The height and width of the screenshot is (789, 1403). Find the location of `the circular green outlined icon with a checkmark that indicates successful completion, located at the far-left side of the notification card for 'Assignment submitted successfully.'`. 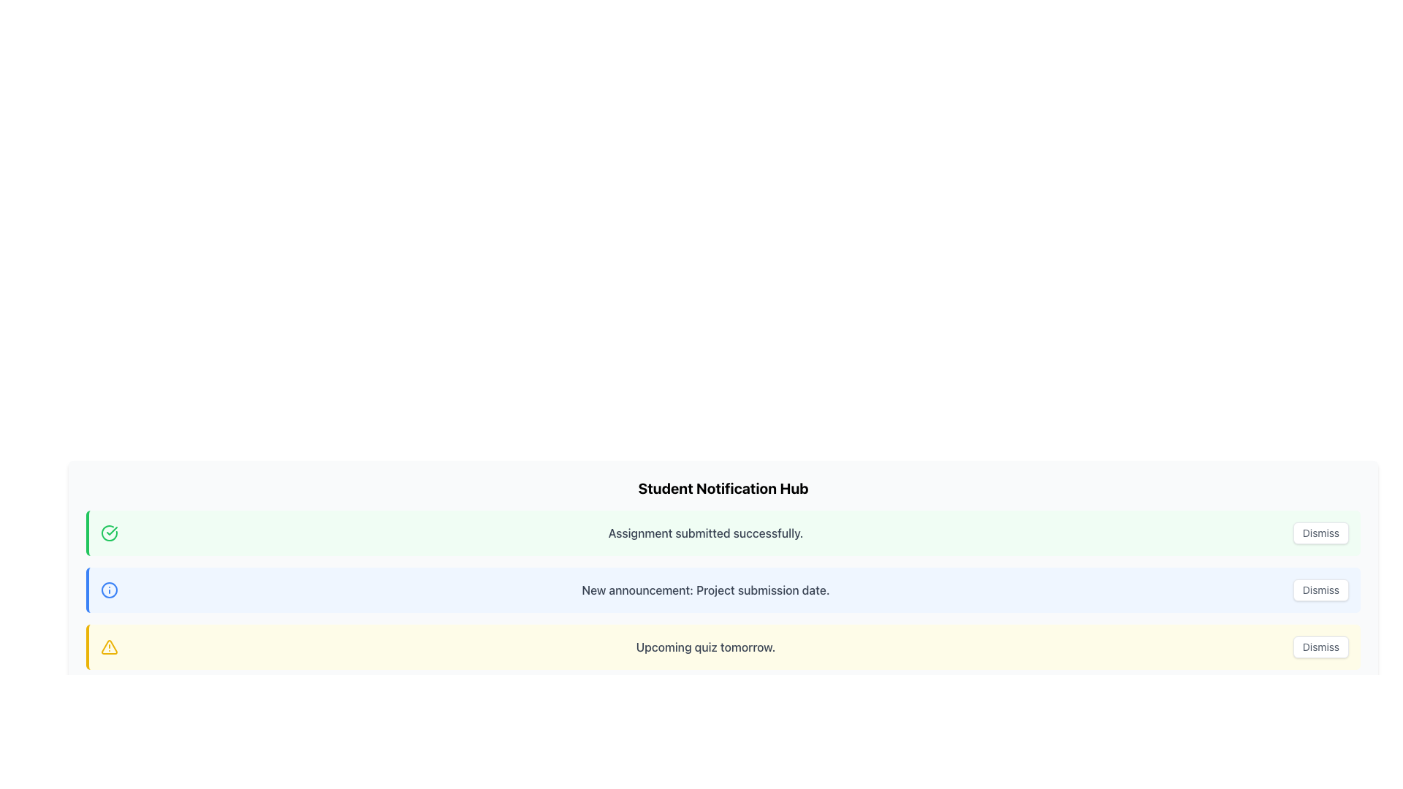

the circular green outlined icon with a checkmark that indicates successful completion, located at the far-left side of the notification card for 'Assignment submitted successfully.' is located at coordinates (108, 533).